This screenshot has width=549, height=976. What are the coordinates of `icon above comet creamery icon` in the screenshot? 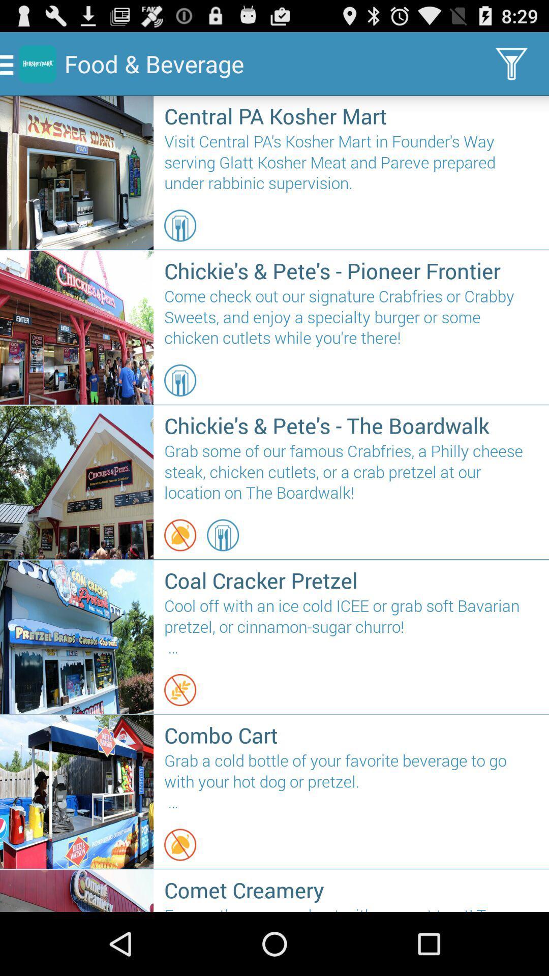 It's located at (179, 844).